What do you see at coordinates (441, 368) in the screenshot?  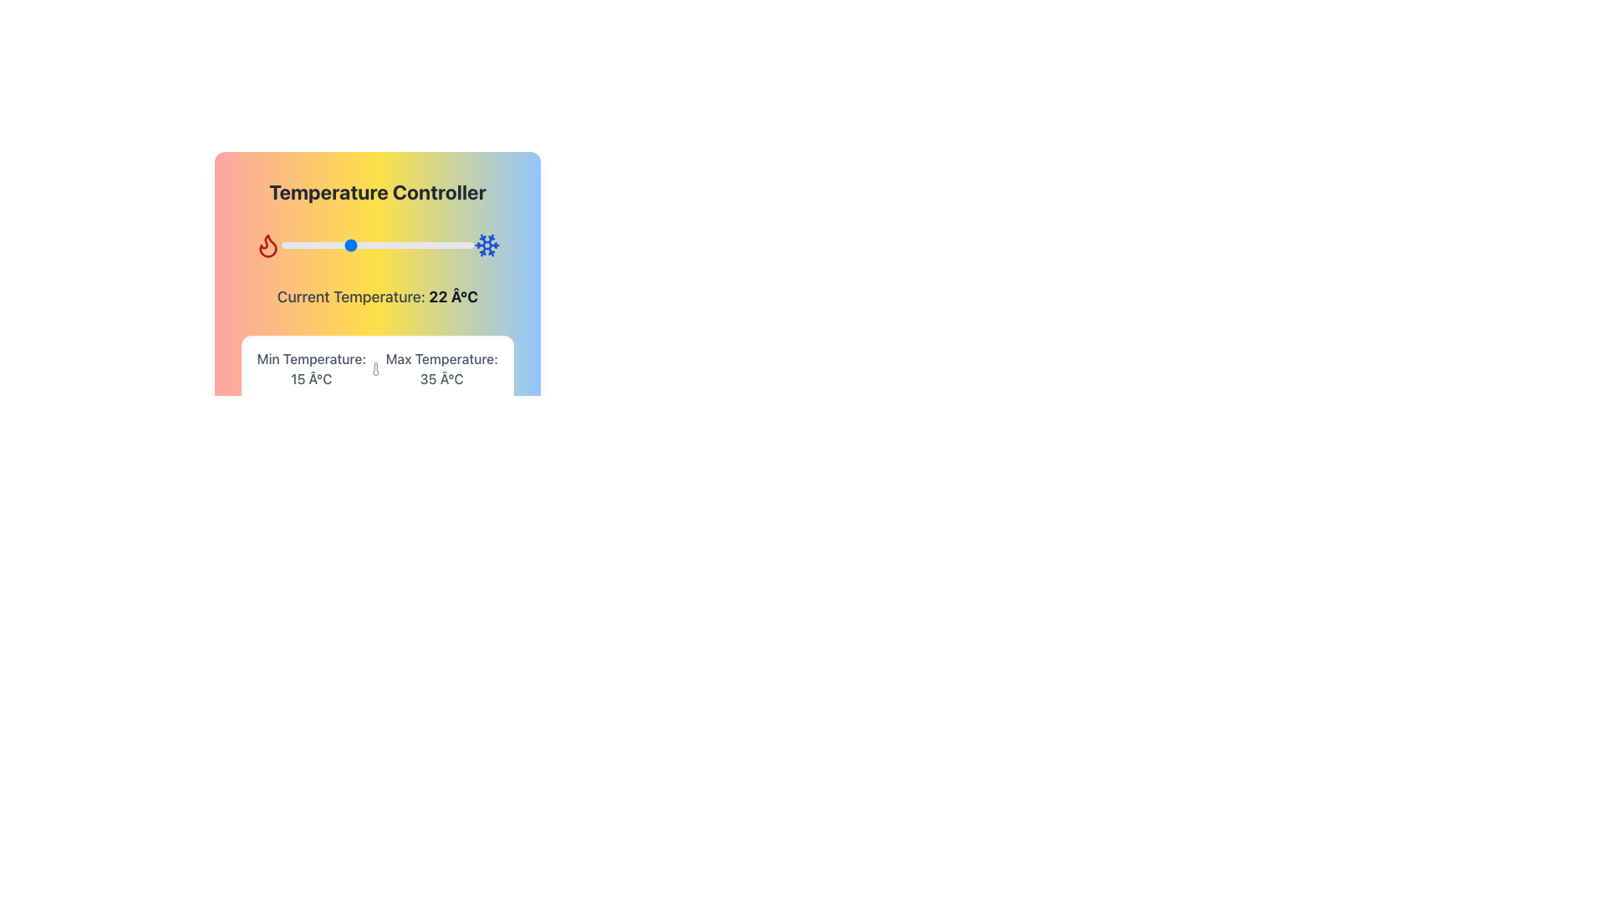 I see `the static text displaying 'Max Temperature: 35 Â°C', which is located on the right side of a white box containing temperature details` at bounding box center [441, 368].